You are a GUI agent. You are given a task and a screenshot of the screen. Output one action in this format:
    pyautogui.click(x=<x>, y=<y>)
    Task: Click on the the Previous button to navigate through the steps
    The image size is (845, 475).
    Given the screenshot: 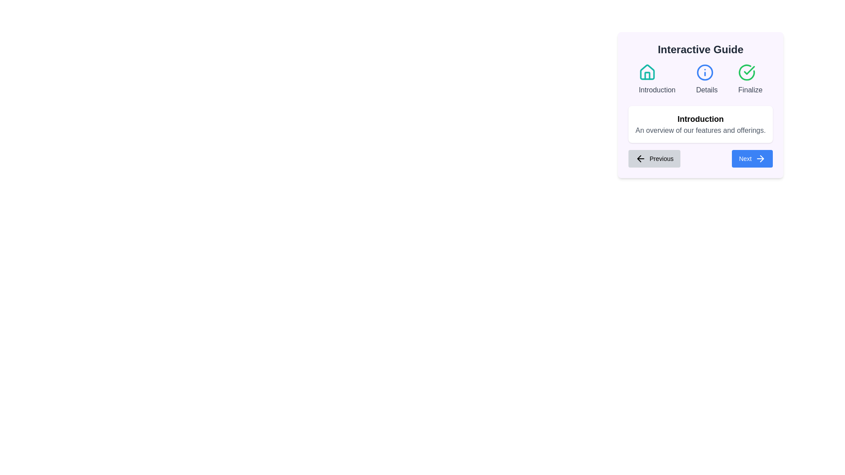 What is the action you would take?
    pyautogui.click(x=654, y=159)
    